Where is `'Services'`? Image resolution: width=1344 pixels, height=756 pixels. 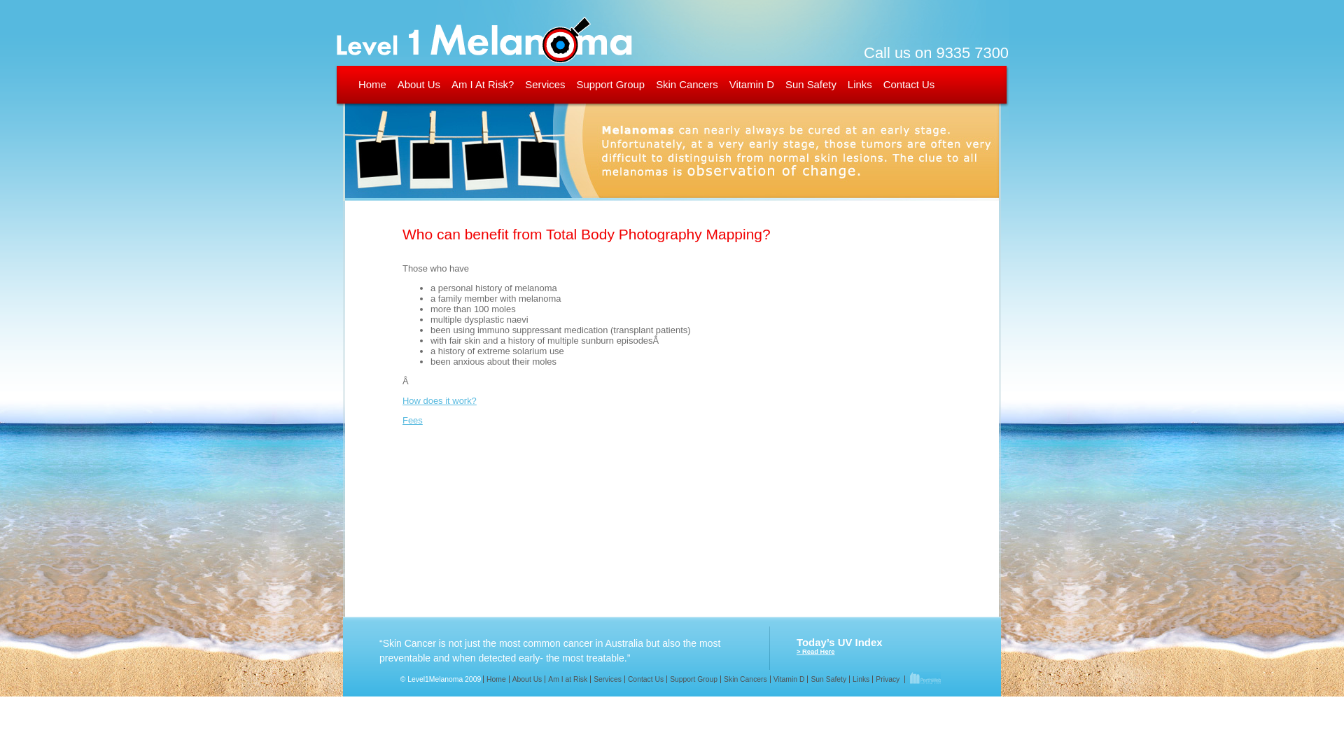
'Services' is located at coordinates (544, 84).